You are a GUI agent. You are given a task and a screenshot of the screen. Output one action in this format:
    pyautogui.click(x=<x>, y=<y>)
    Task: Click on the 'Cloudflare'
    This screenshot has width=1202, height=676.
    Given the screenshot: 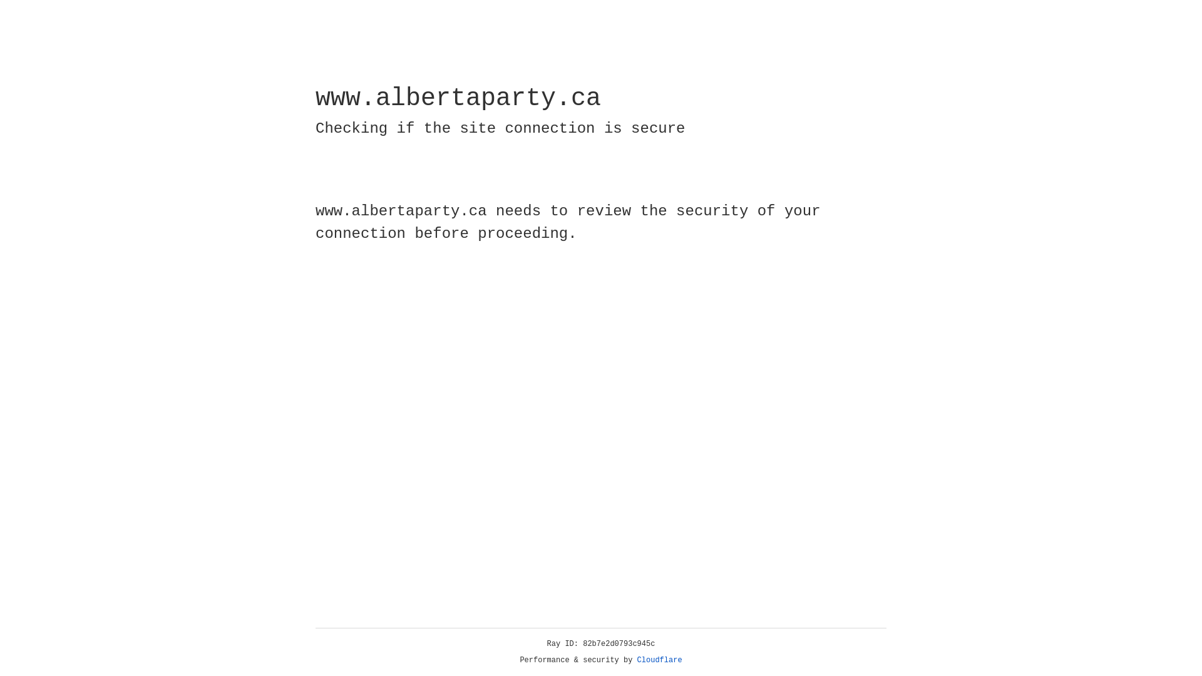 What is the action you would take?
    pyautogui.click(x=659, y=660)
    